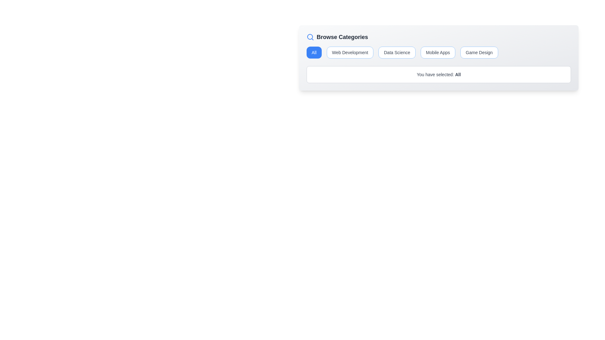 The width and height of the screenshot is (605, 340). I want to click on the 'Mobile Apps' tab button which is the fourth button in a horizontal list under the 'Browse Categories' header, so click(438, 52).